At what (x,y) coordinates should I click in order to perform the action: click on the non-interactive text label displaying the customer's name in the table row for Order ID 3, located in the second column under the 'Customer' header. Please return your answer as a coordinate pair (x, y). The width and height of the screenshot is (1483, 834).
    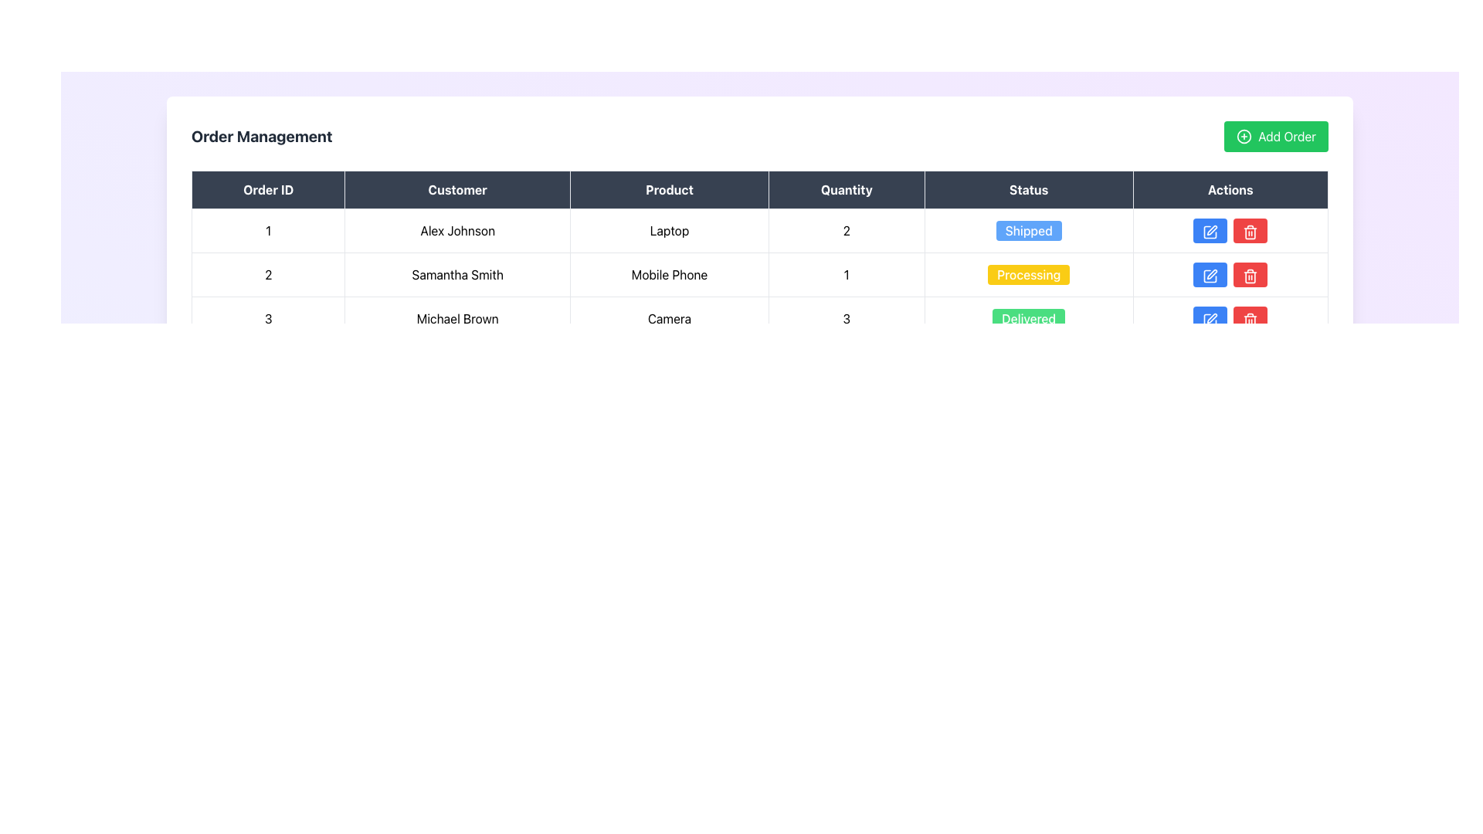
    Looking at the image, I should click on (456, 317).